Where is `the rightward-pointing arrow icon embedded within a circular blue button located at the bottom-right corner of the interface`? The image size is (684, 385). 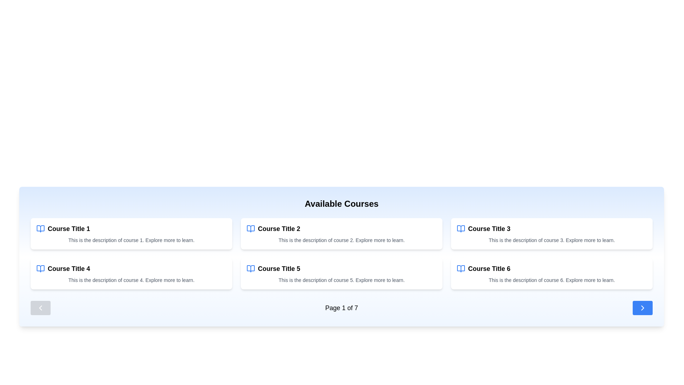
the rightward-pointing arrow icon embedded within a circular blue button located at the bottom-right corner of the interface is located at coordinates (643, 308).